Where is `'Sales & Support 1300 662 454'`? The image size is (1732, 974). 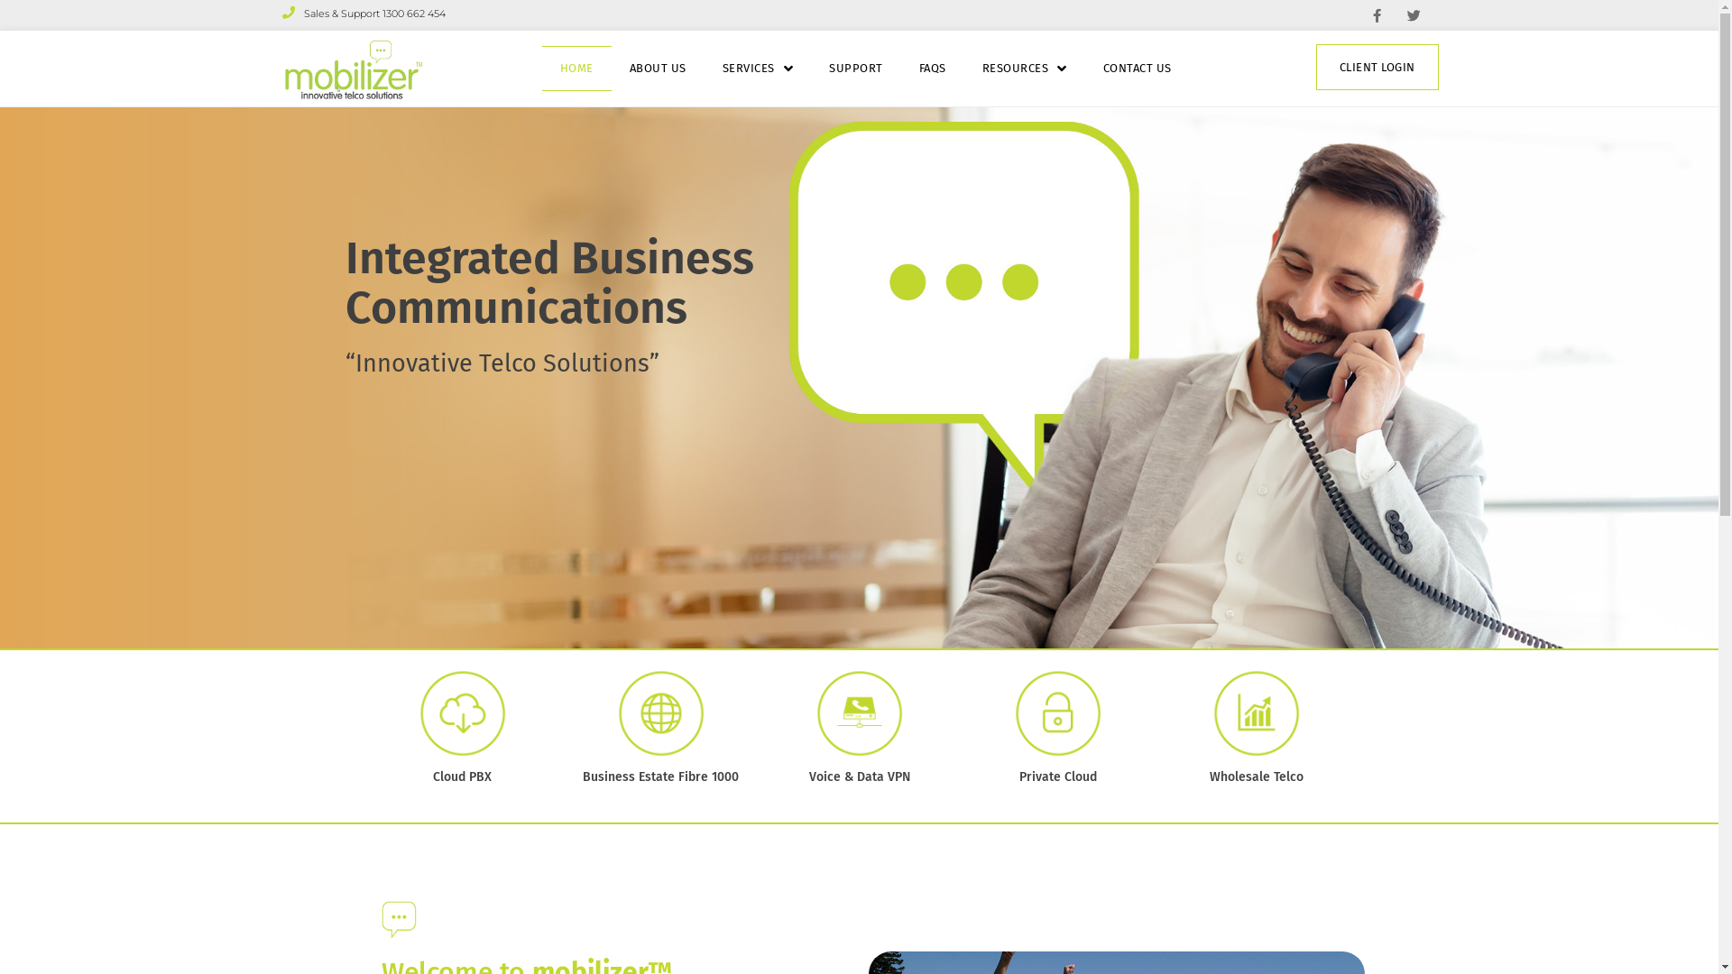 'Sales & Support 1300 662 454' is located at coordinates (362, 14).